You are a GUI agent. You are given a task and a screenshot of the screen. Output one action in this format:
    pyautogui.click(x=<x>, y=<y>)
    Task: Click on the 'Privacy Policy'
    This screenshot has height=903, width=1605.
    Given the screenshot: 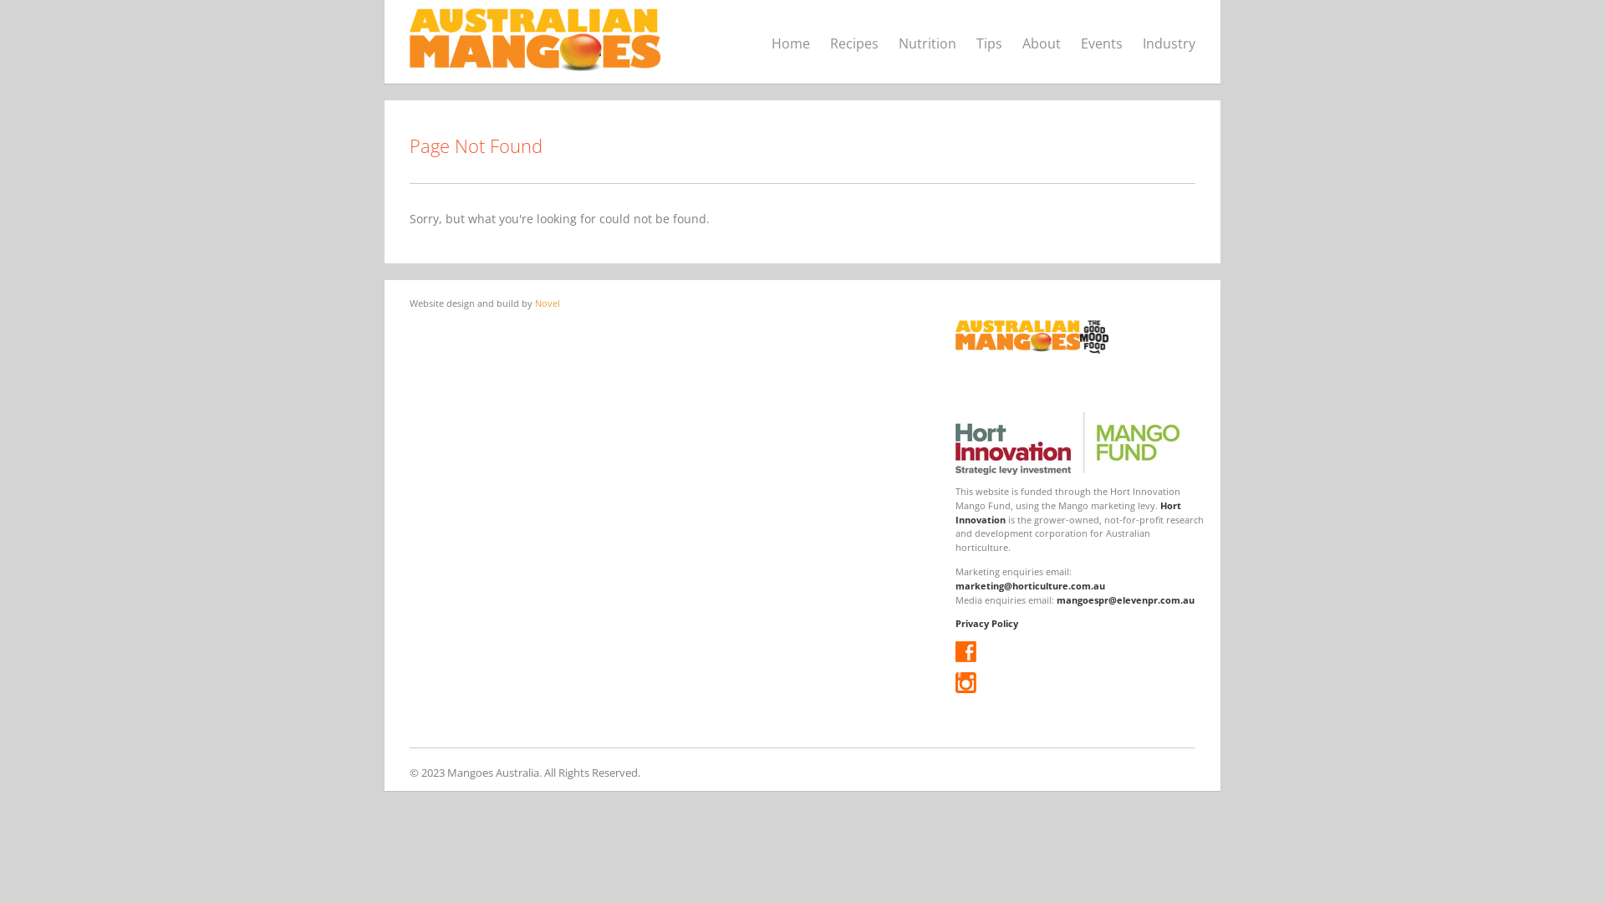 What is the action you would take?
    pyautogui.click(x=986, y=623)
    